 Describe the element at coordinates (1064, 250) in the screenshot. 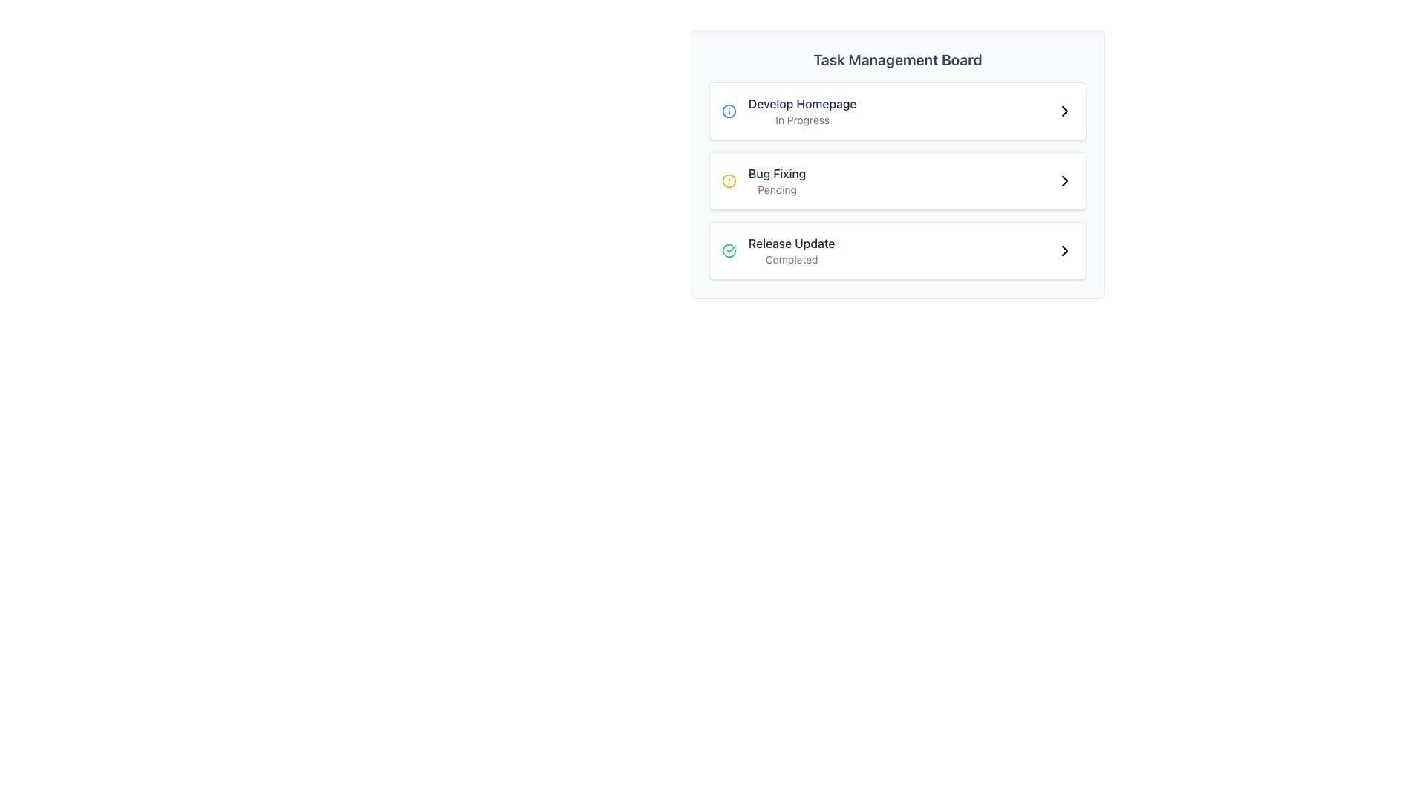

I see `the right-pointing chevron icon in the 'Release Update Completed' section` at that location.